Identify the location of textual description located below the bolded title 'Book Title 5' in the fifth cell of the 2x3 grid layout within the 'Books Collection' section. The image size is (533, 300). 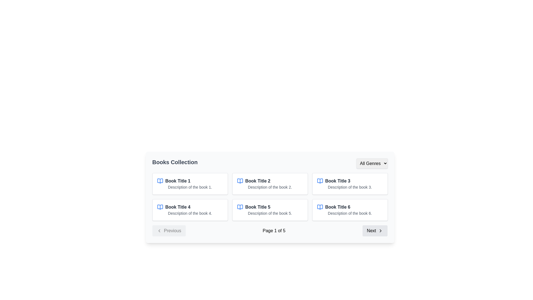
(270, 213).